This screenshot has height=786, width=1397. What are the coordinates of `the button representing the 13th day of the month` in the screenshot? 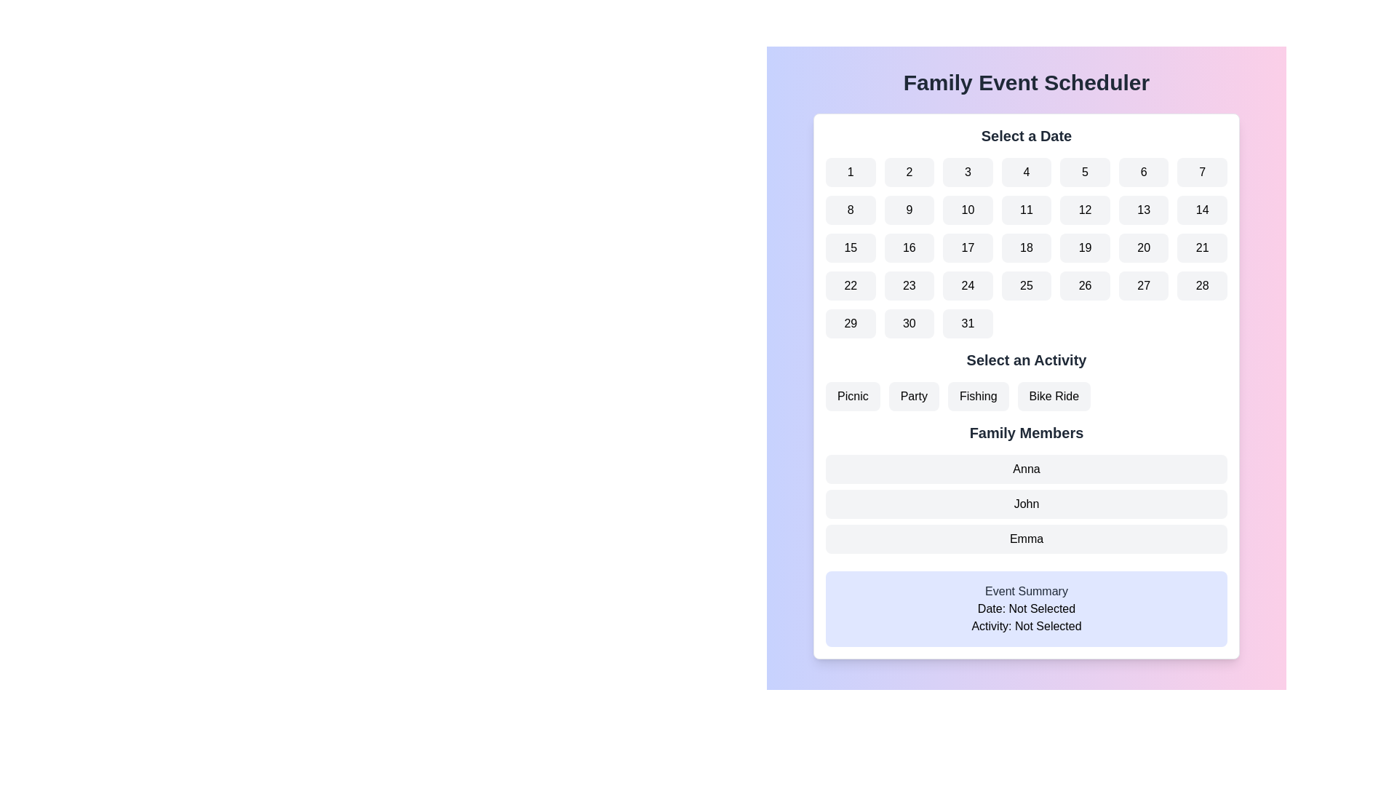 It's located at (1143, 210).